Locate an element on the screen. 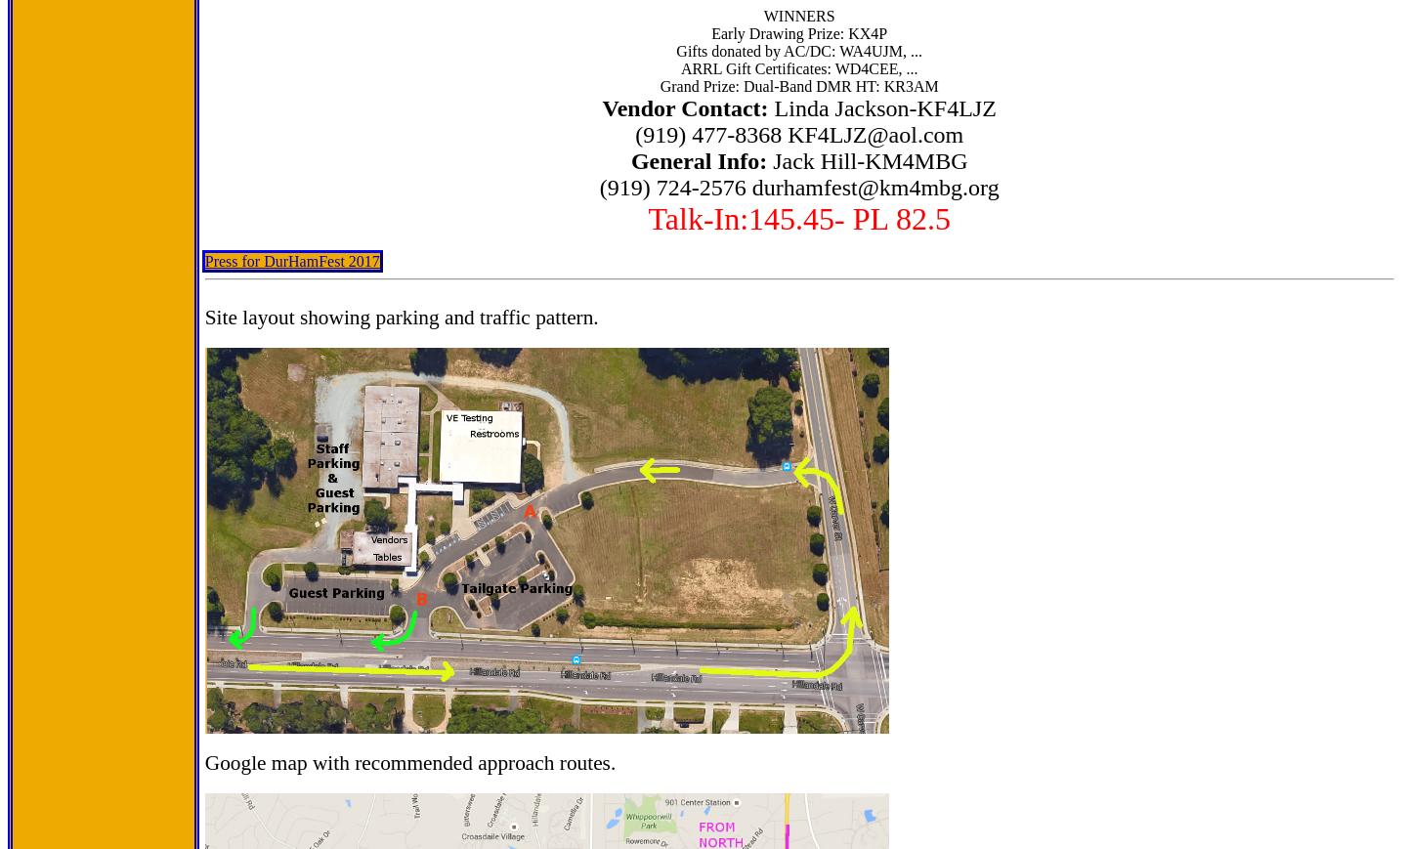 The image size is (1407, 849). 'Early Drawing Prize: KX4P' is located at coordinates (799, 32).